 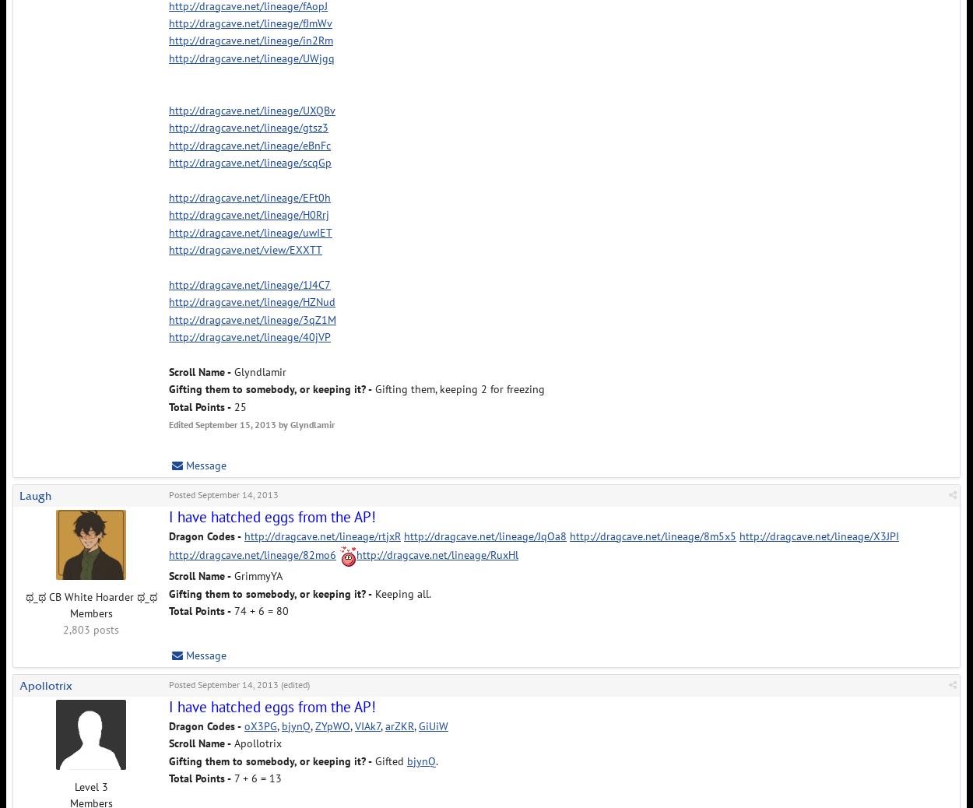 I want to click on 'Glyndlamir', so click(x=258, y=371).